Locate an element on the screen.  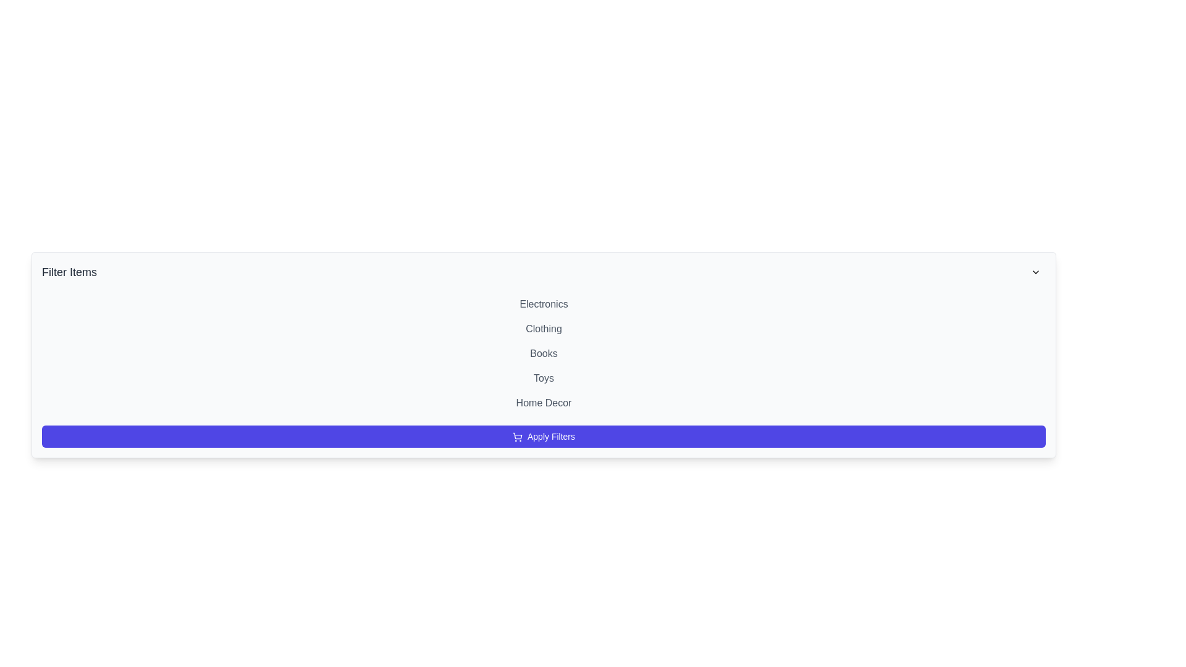
the primary label text element located in the top-left section of the filter section interface is located at coordinates (69, 271).